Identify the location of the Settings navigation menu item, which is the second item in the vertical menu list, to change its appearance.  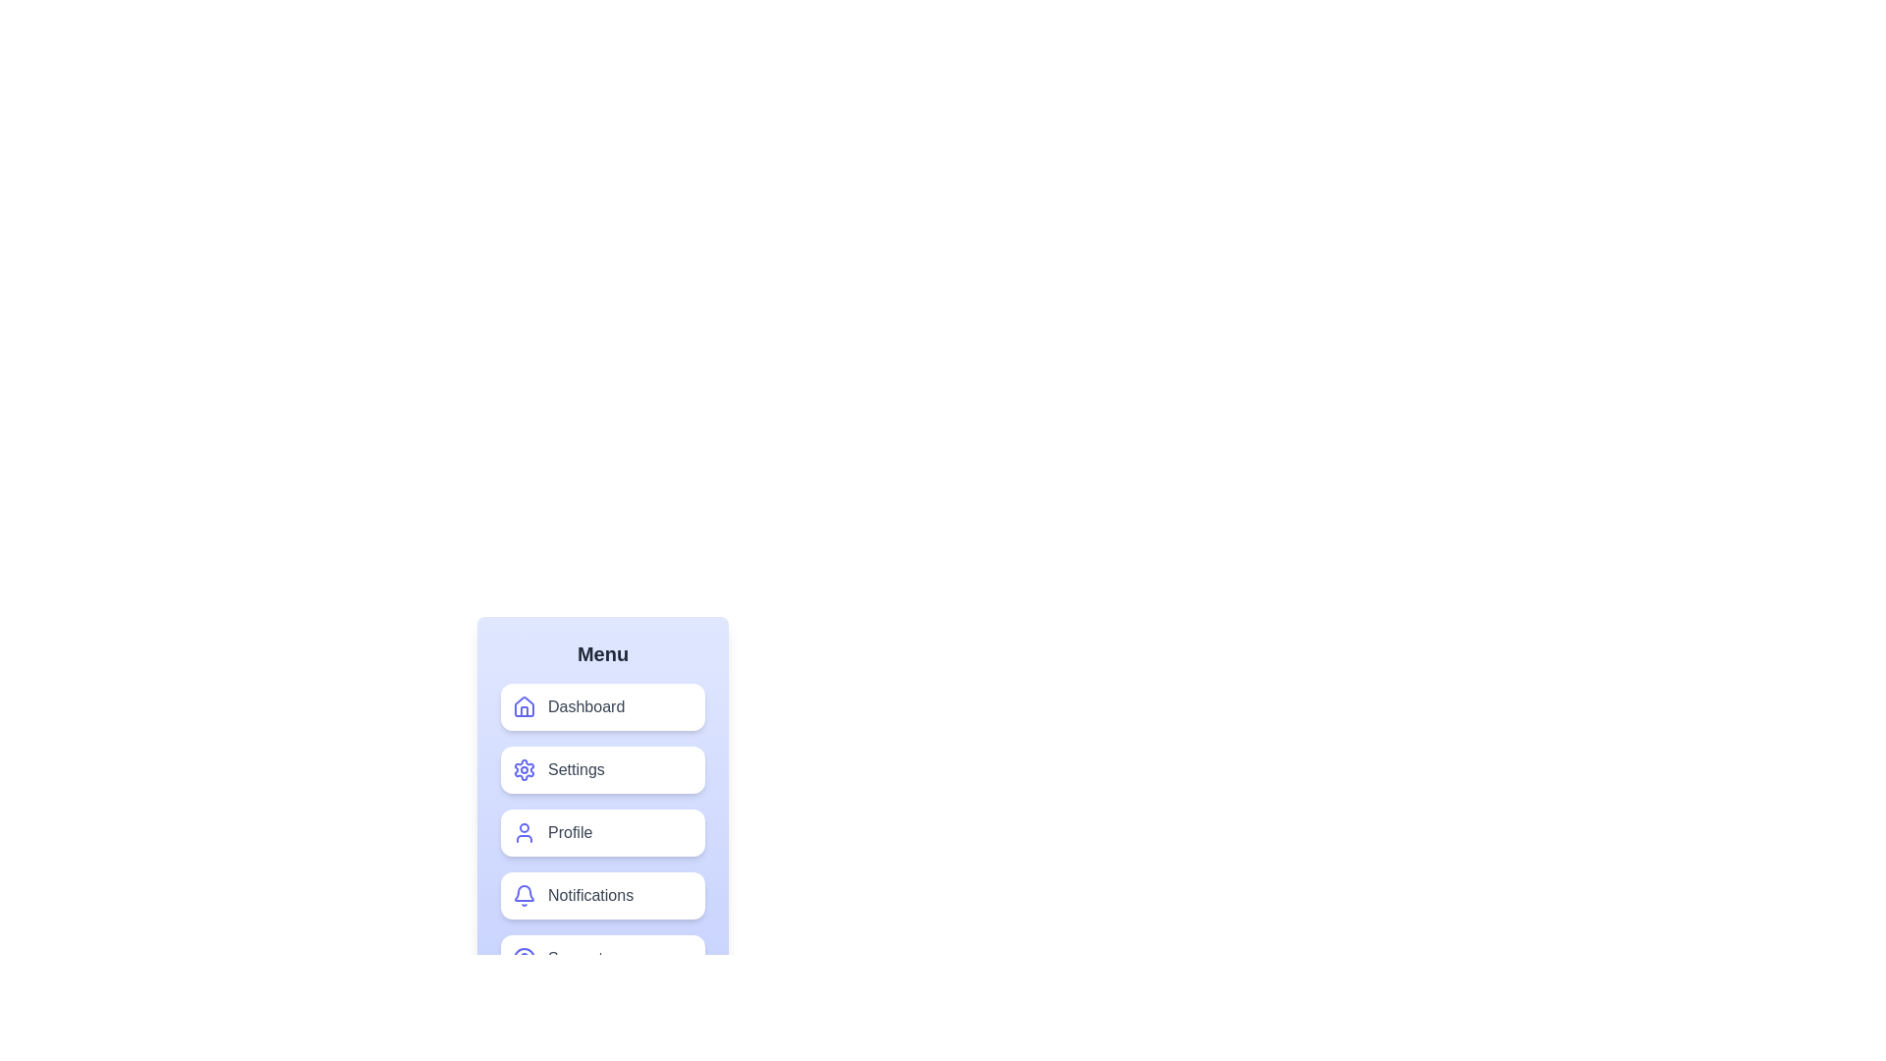
(602, 768).